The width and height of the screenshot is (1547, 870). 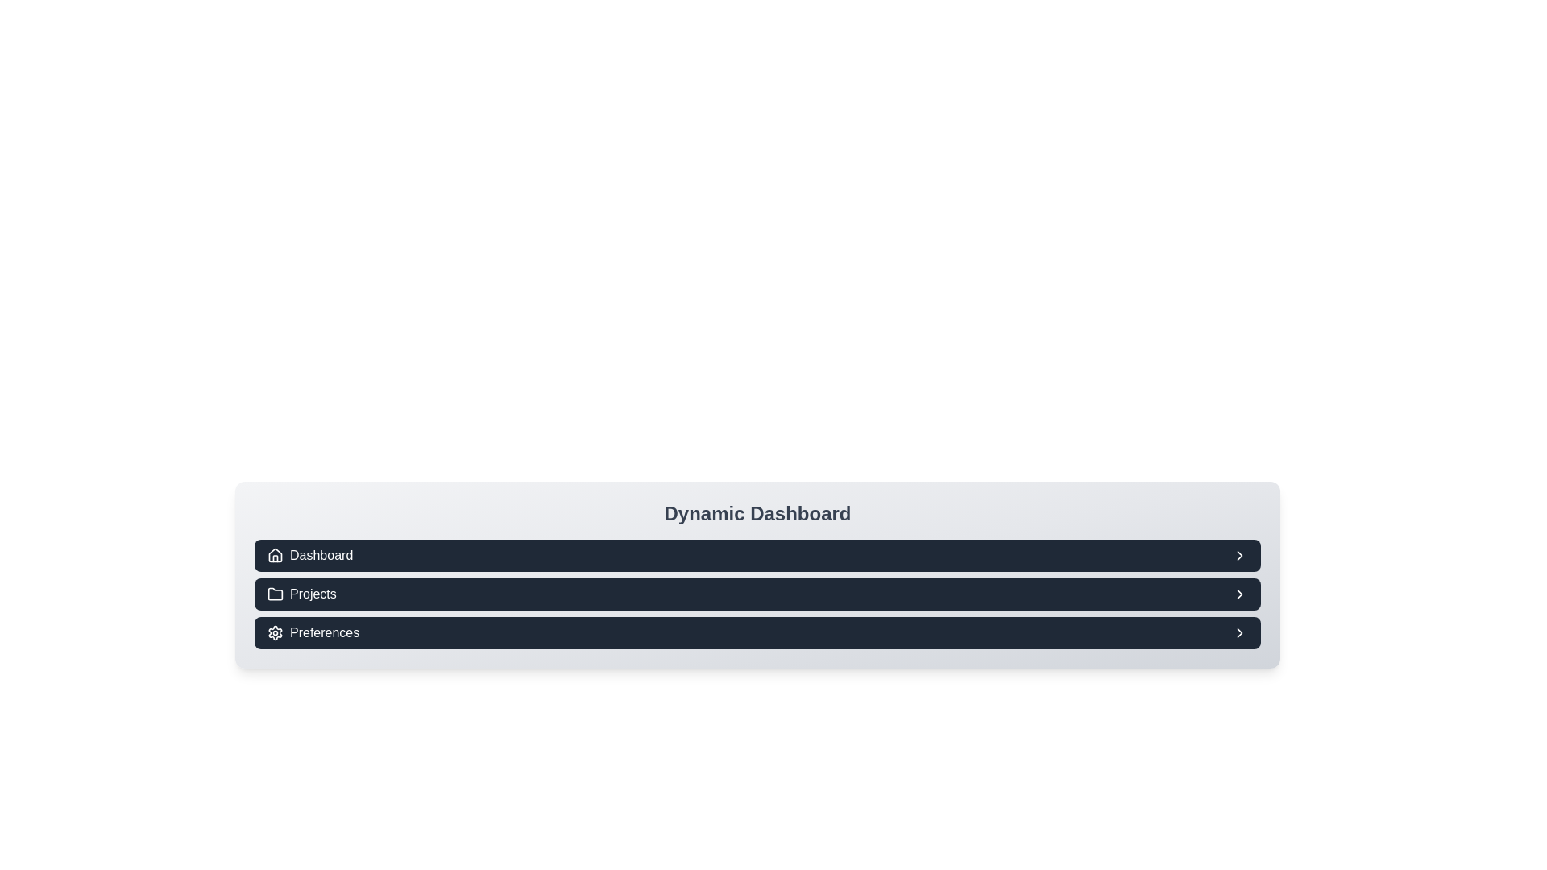 What do you see at coordinates (301, 594) in the screenshot?
I see `label content of the 'Projects' text label located in the navigation menu, which is horizontally aligned with a folder icon to the left` at bounding box center [301, 594].